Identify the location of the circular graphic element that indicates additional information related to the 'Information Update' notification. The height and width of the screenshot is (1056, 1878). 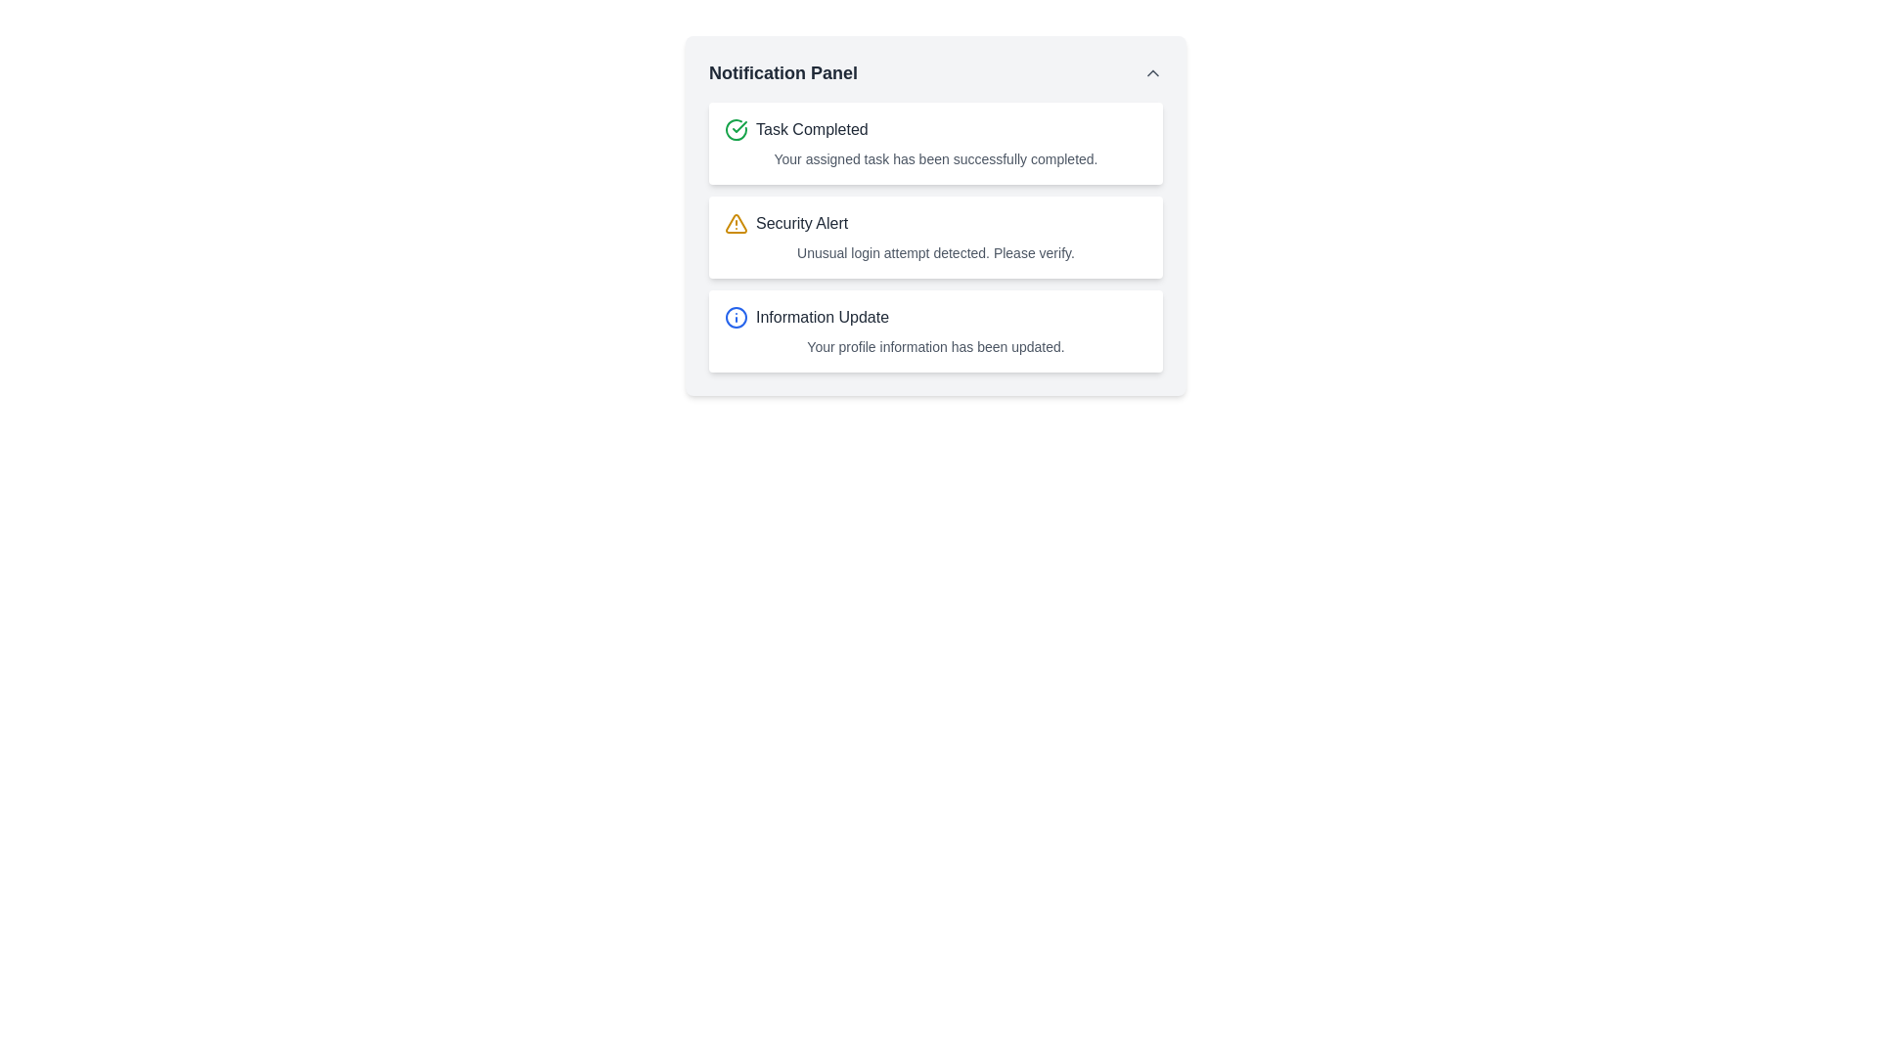
(736, 316).